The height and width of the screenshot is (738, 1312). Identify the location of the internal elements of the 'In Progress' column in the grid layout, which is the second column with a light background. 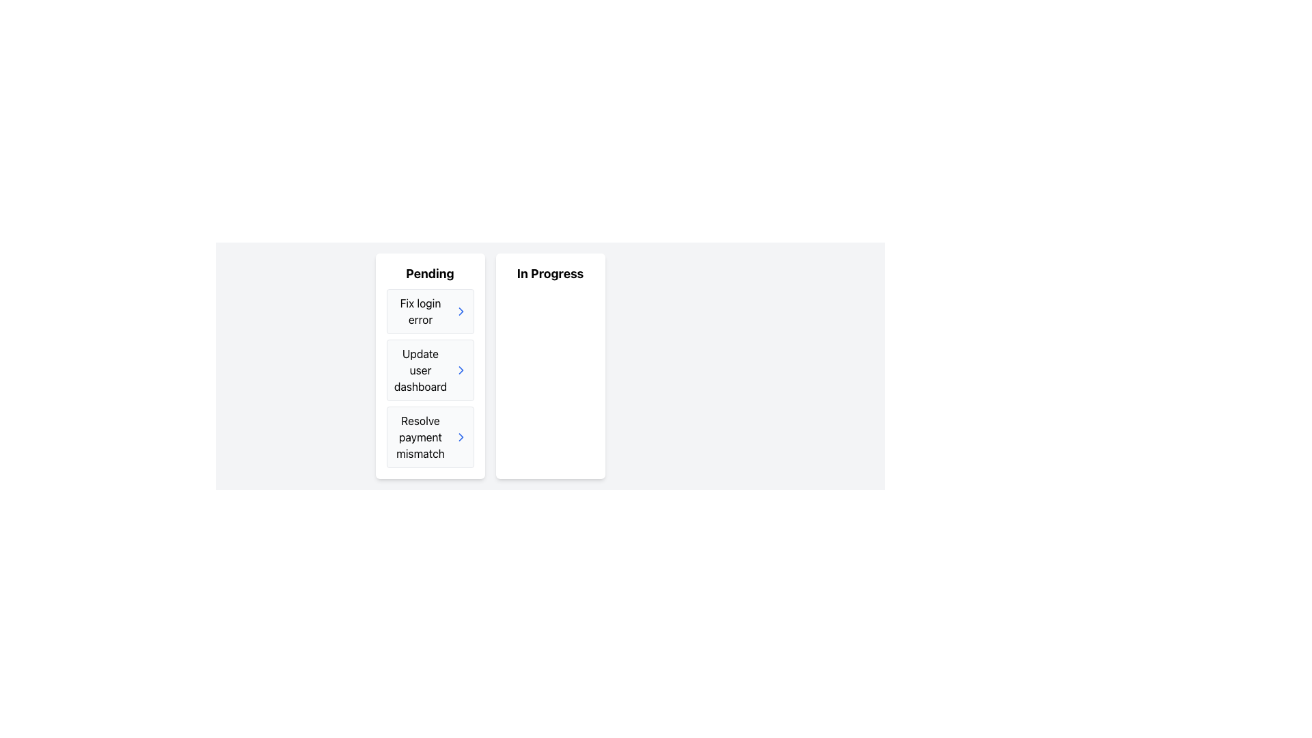
(550, 366).